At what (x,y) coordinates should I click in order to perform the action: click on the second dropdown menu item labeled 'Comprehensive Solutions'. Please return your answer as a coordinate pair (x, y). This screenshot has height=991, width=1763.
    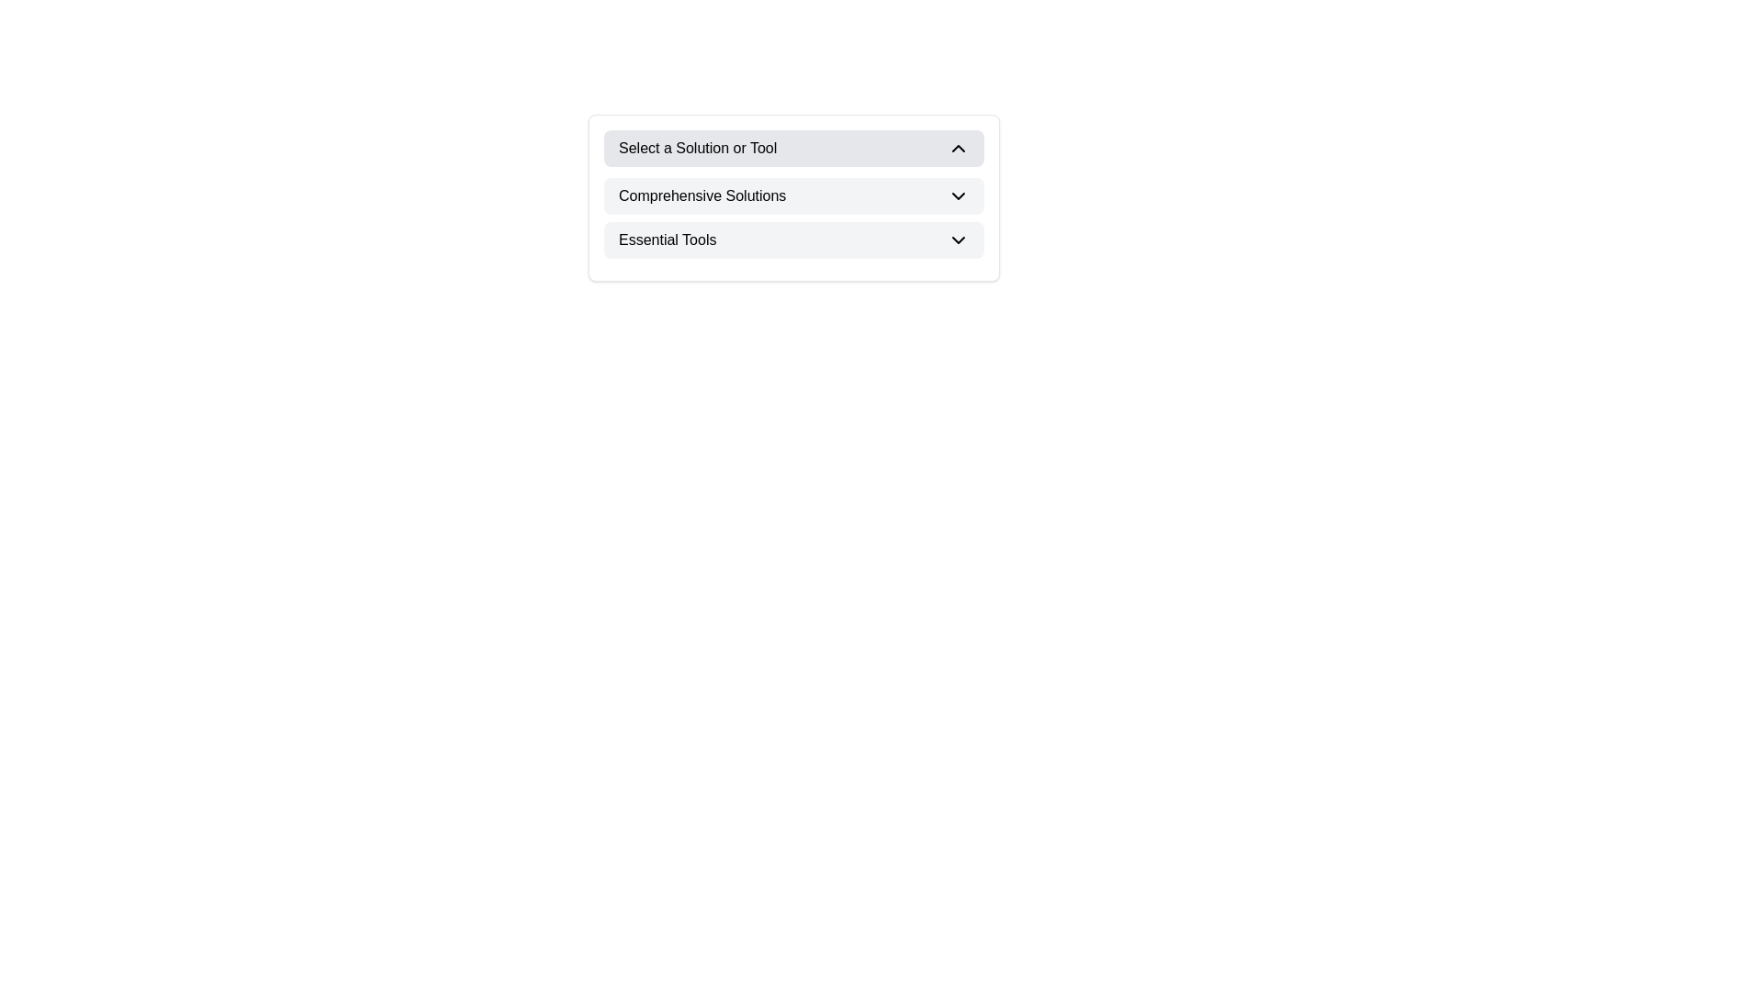
    Looking at the image, I should click on (793, 195).